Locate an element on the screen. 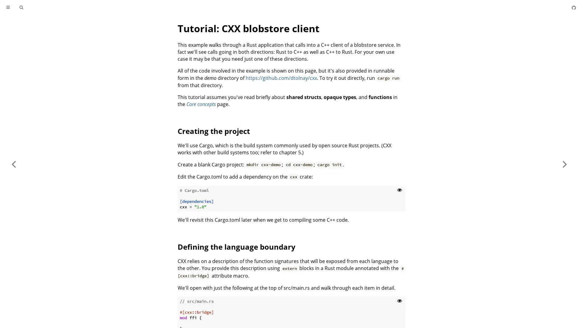 Image resolution: width=583 pixels, height=328 pixels. Show hidden lines is located at coordinates (399, 189).